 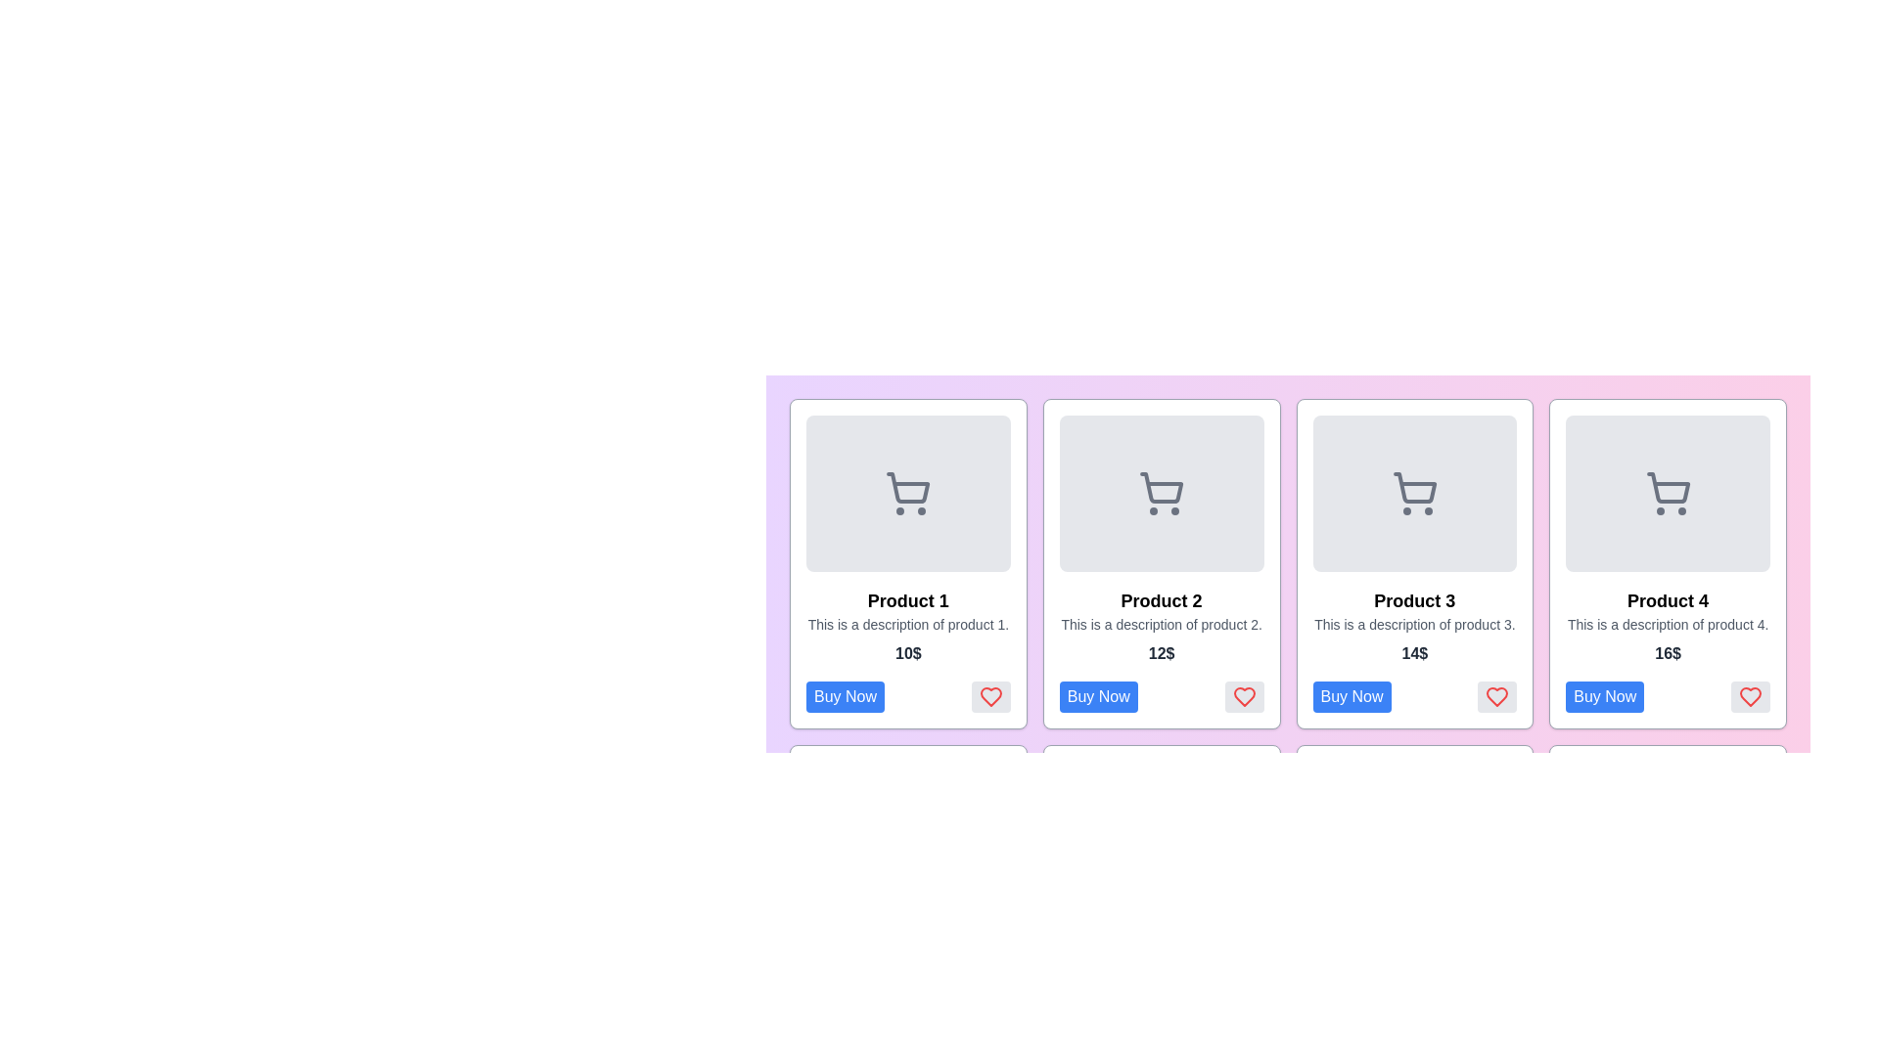 What do you see at coordinates (1243, 696) in the screenshot?
I see `the rounded rectangular button with a light gray background and a red heart icon, located immediately to the right of the 'Buy Now' button in the product card layout, which is the second button from the right below 'Product 2'` at bounding box center [1243, 696].